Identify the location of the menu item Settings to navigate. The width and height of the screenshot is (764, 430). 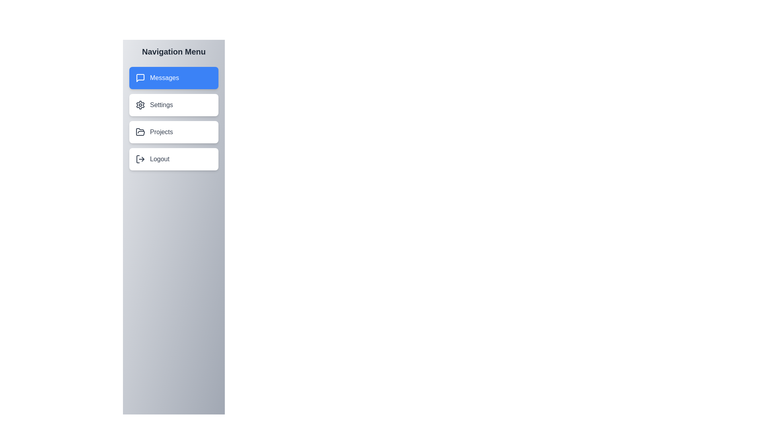
(173, 104).